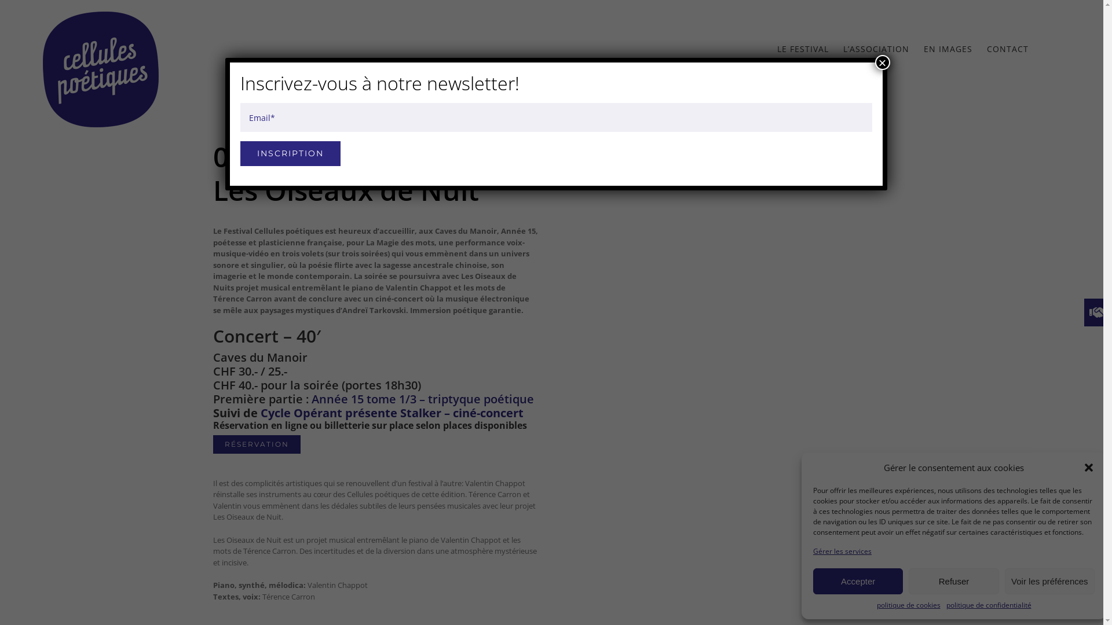 This screenshot has height=625, width=1112. I want to click on 'CONTACT', so click(1007, 48).